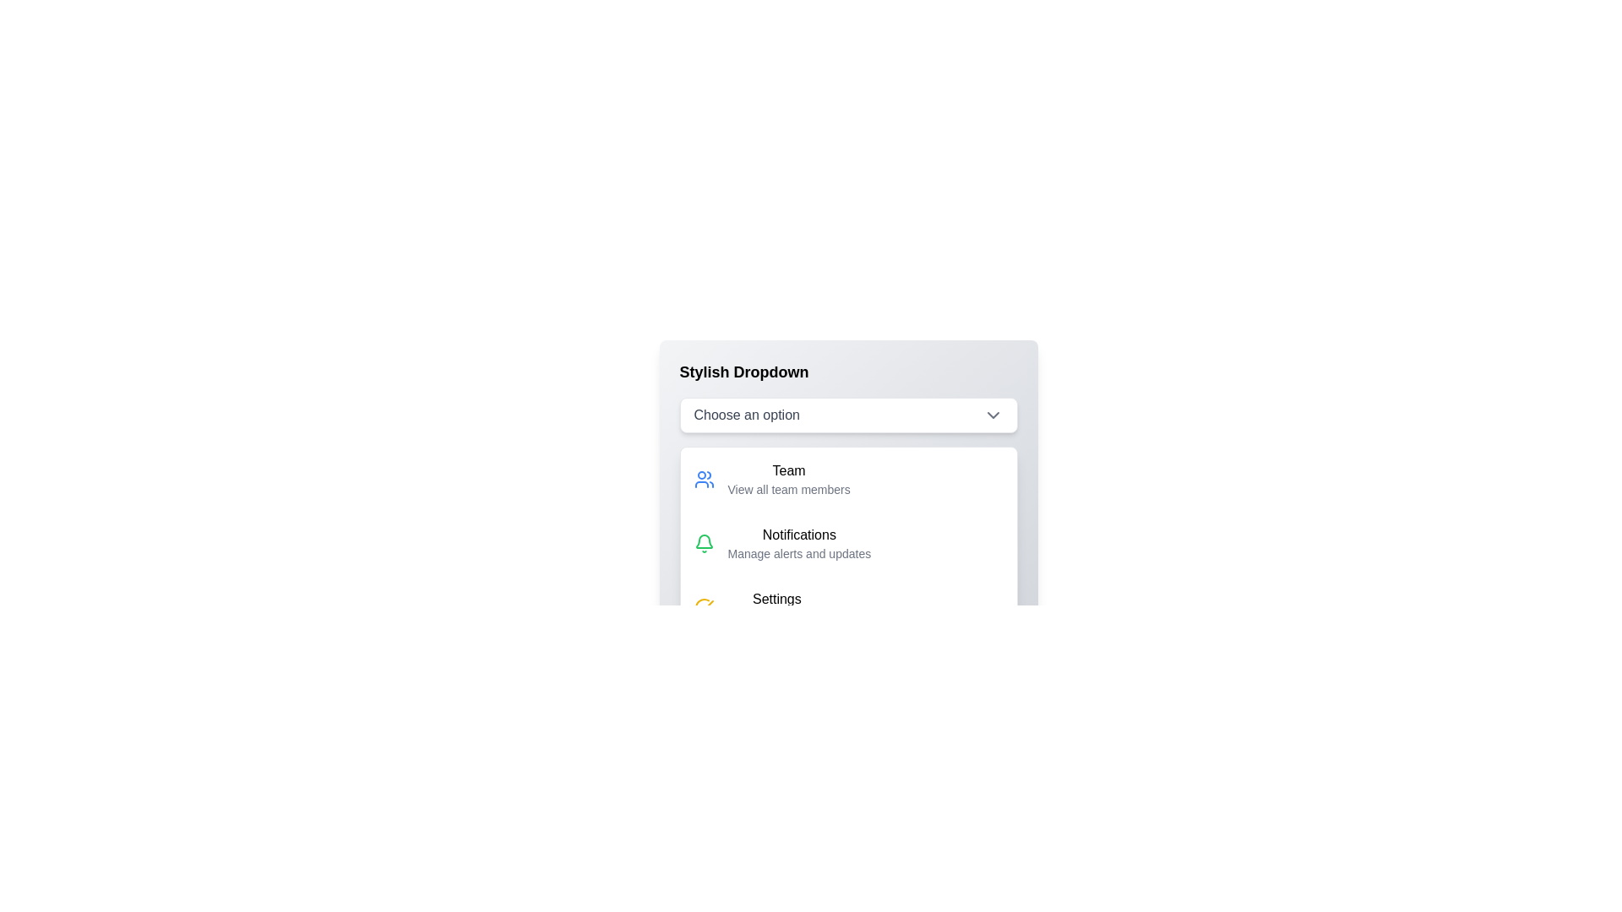  I want to click on the descriptive text label located beneath the 'Notifications' section of the dropdown menu, so click(798, 553).